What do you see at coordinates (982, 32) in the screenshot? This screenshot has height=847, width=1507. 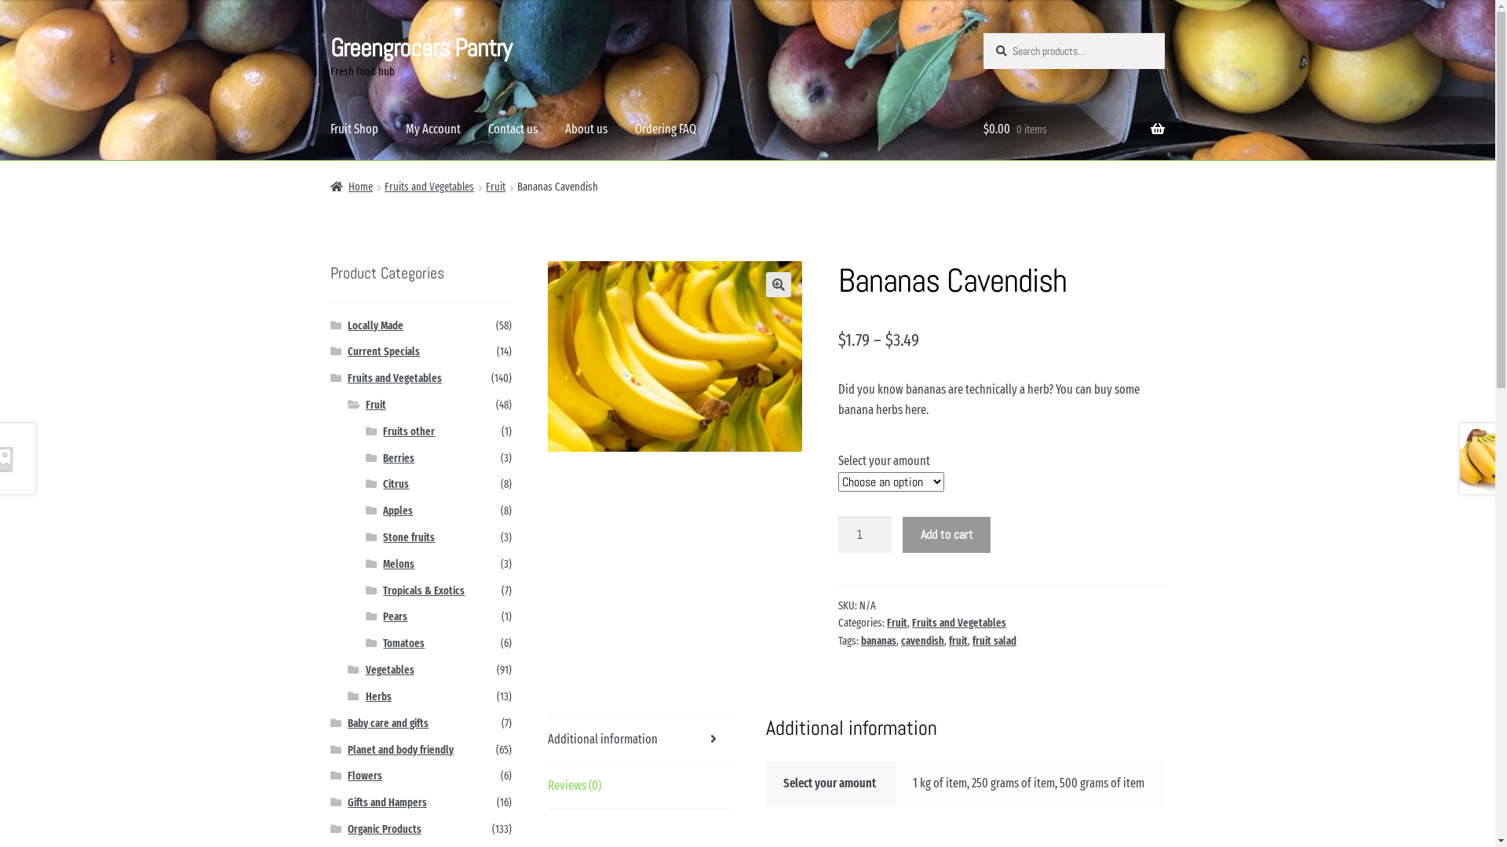 I see `'Search'` at bounding box center [982, 32].